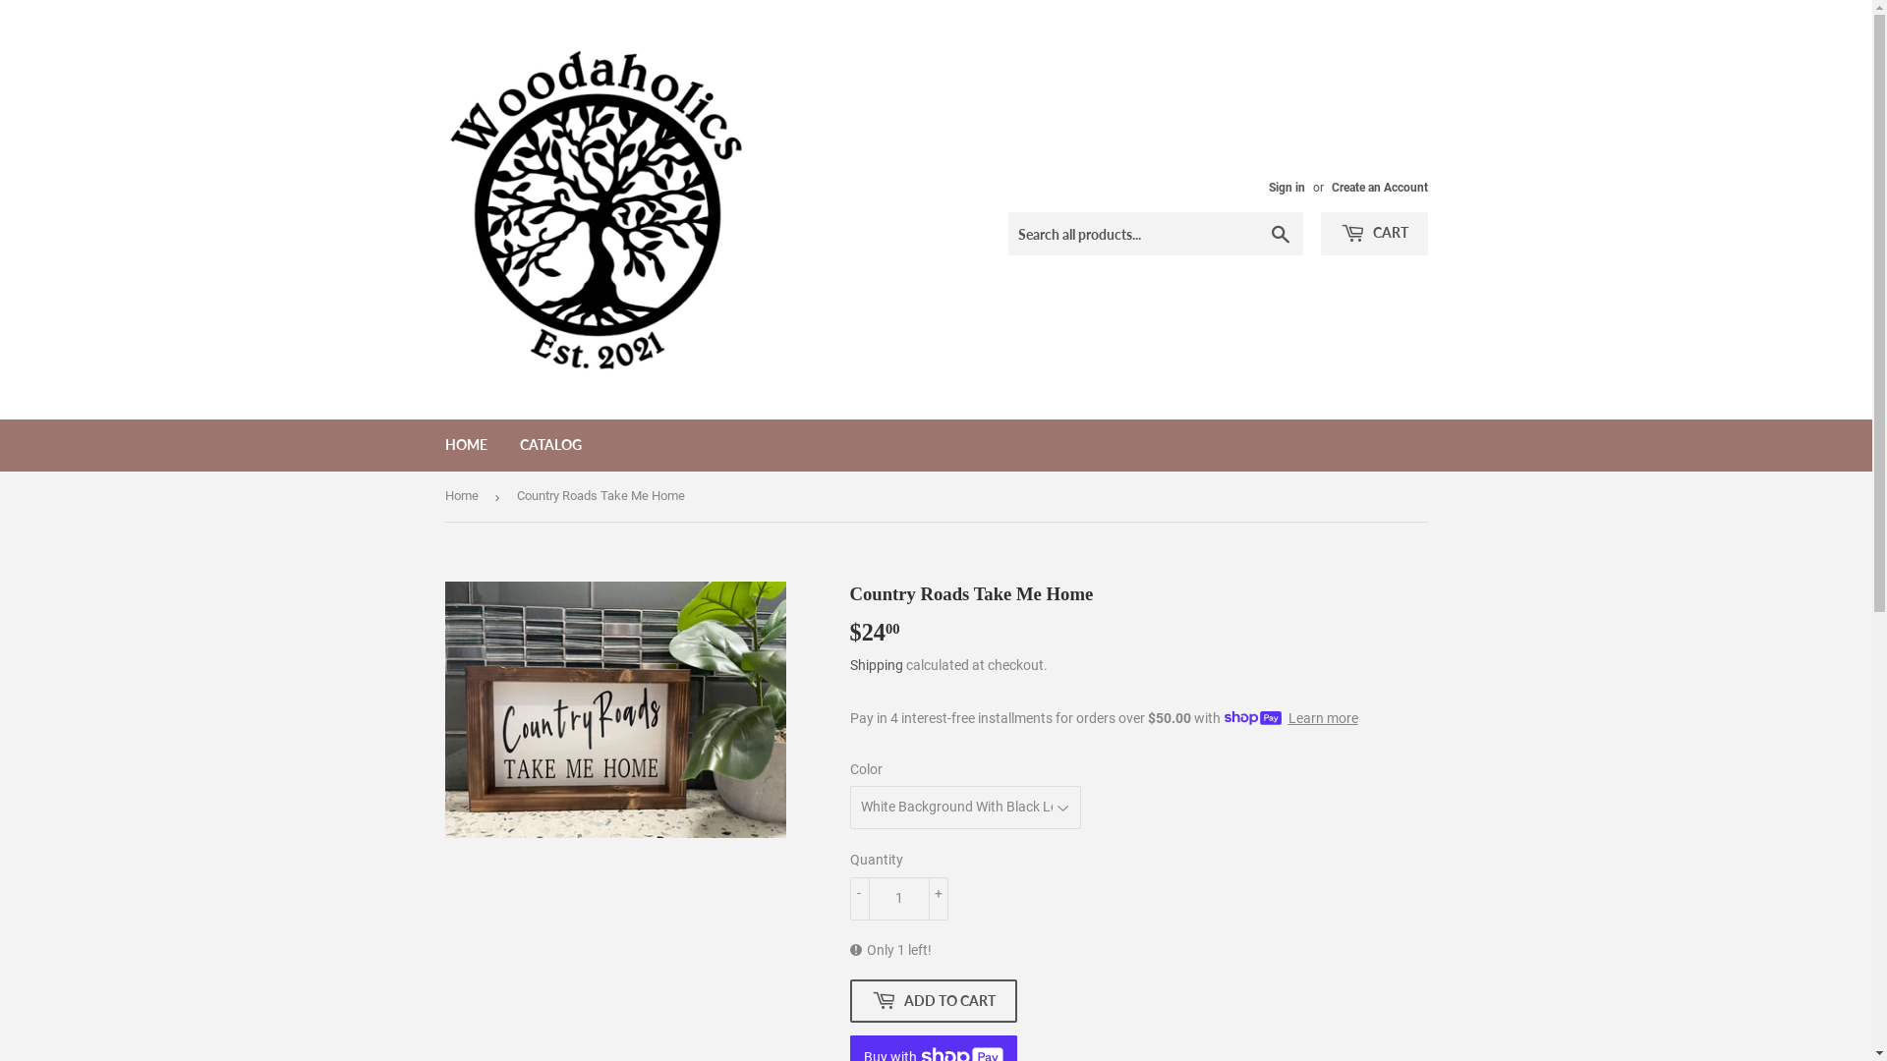 The image size is (1887, 1061). What do you see at coordinates (442, 495) in the screenshot?
I see `'Home'` at bounding box center [442, 495].